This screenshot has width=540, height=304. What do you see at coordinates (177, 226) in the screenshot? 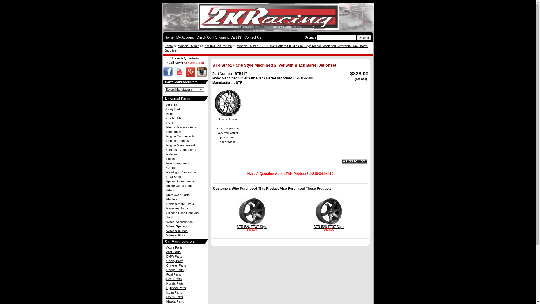
I see `'Wheel Spacers'` at bounding box center [177, 226].